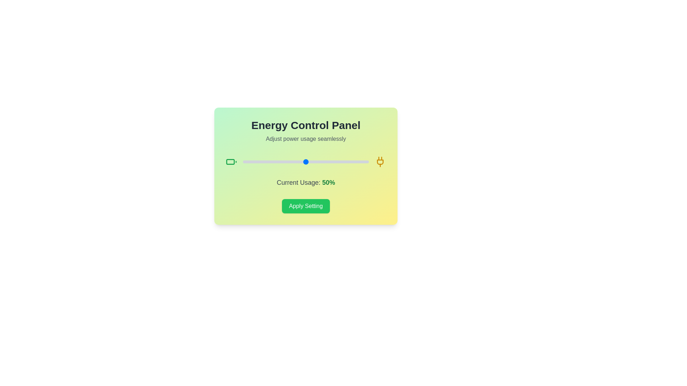  I want to click on the energy usage slider, so click(327, 162).